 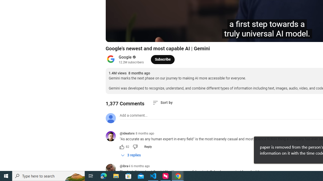 What do you see at coordinates (140, 166) in the screenshot?
I see `'6 months ago'` at bounding box center [140, 166].